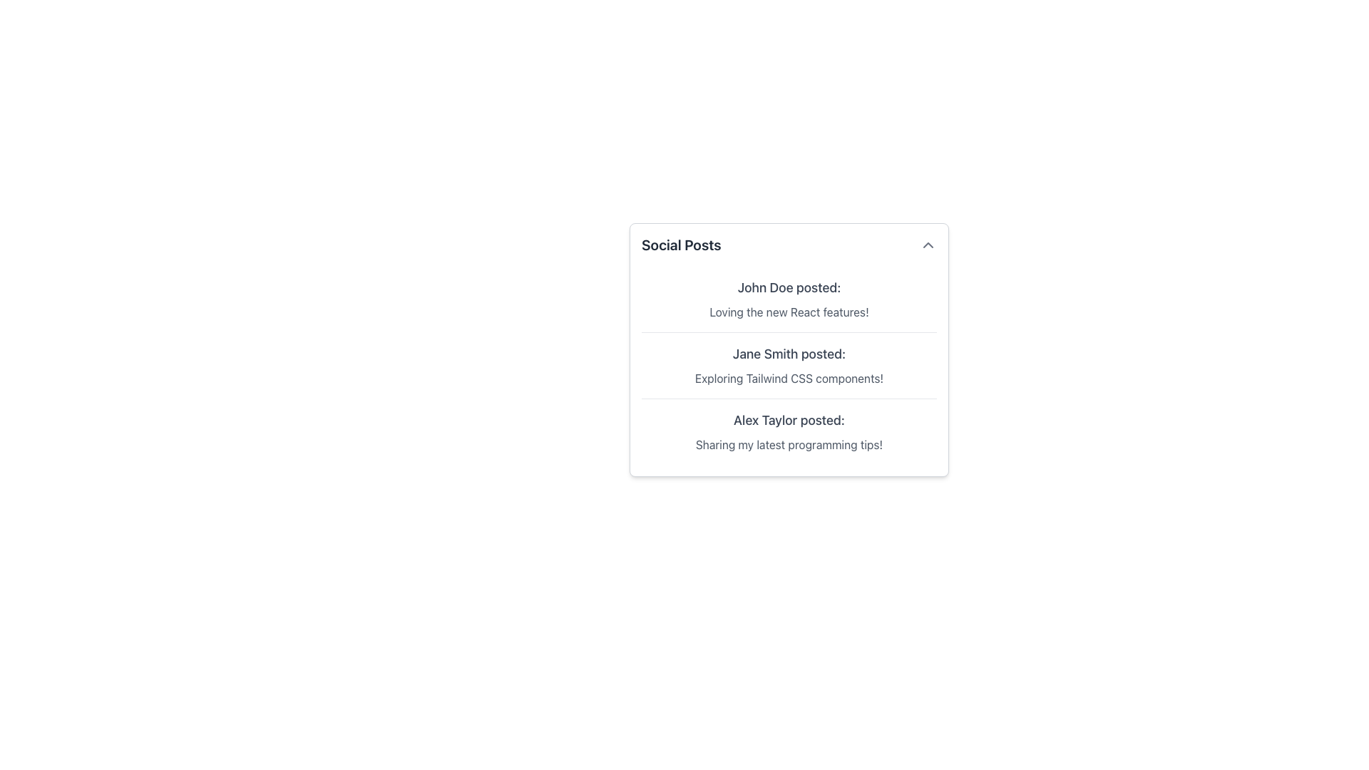 Image resolution: width=1369 pixels, height=770 pixels. I want to click on the text content display element that shows a user's post headline and content, located as the second item in the social feed, so click(789, 364).